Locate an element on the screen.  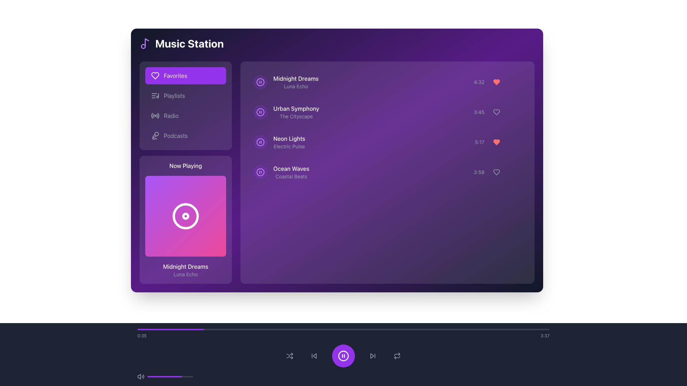
the volume control icon located at the far left end of the playback control bar to adjust the volume settings is located at coordinates (141, 376).